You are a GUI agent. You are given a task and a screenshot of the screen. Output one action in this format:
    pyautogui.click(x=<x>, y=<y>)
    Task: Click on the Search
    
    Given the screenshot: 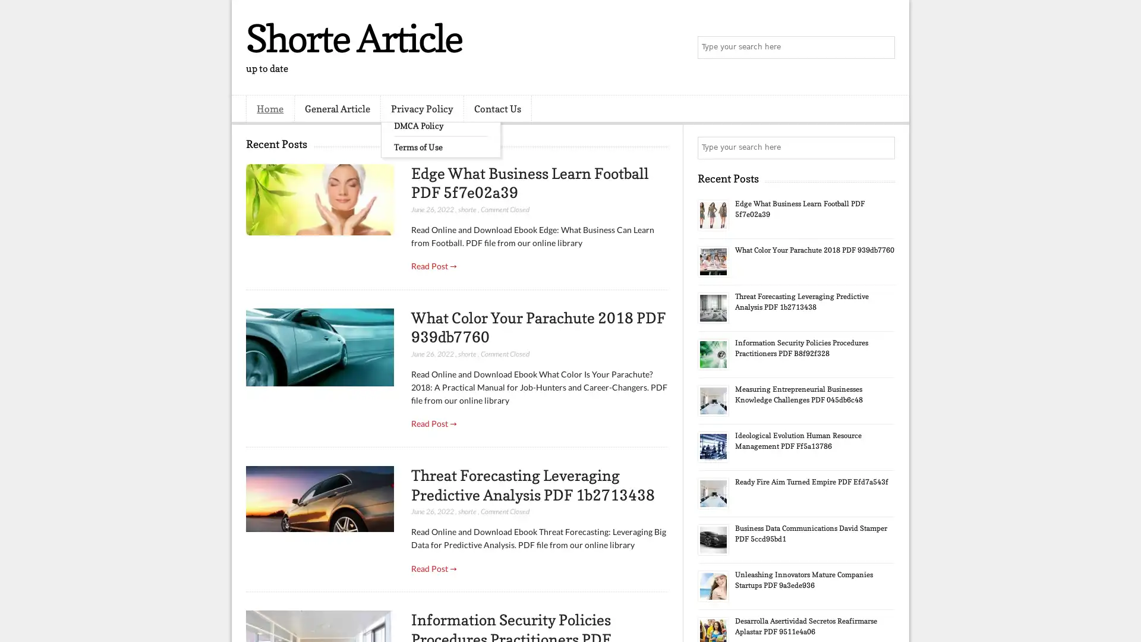 What is the action you would take?
    pyautogui.click(x=882, y=147)
    